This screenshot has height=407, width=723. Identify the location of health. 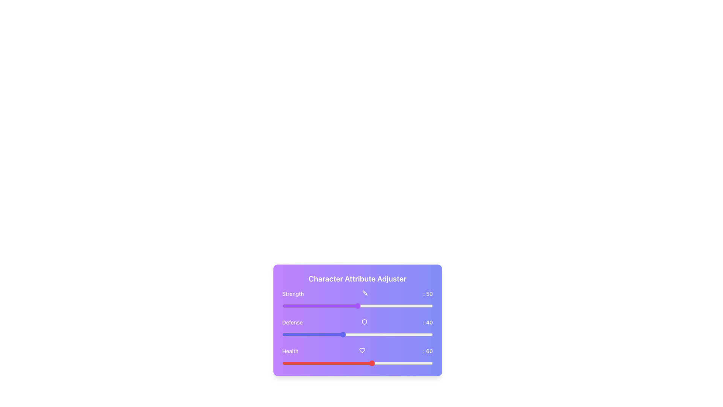
(354, 363).